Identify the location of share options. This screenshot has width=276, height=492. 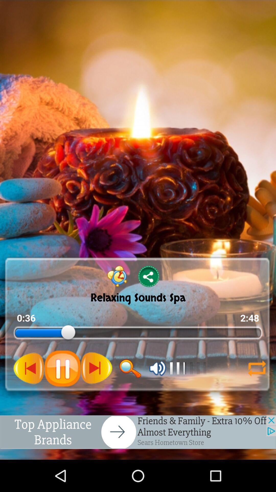
(149, 276).